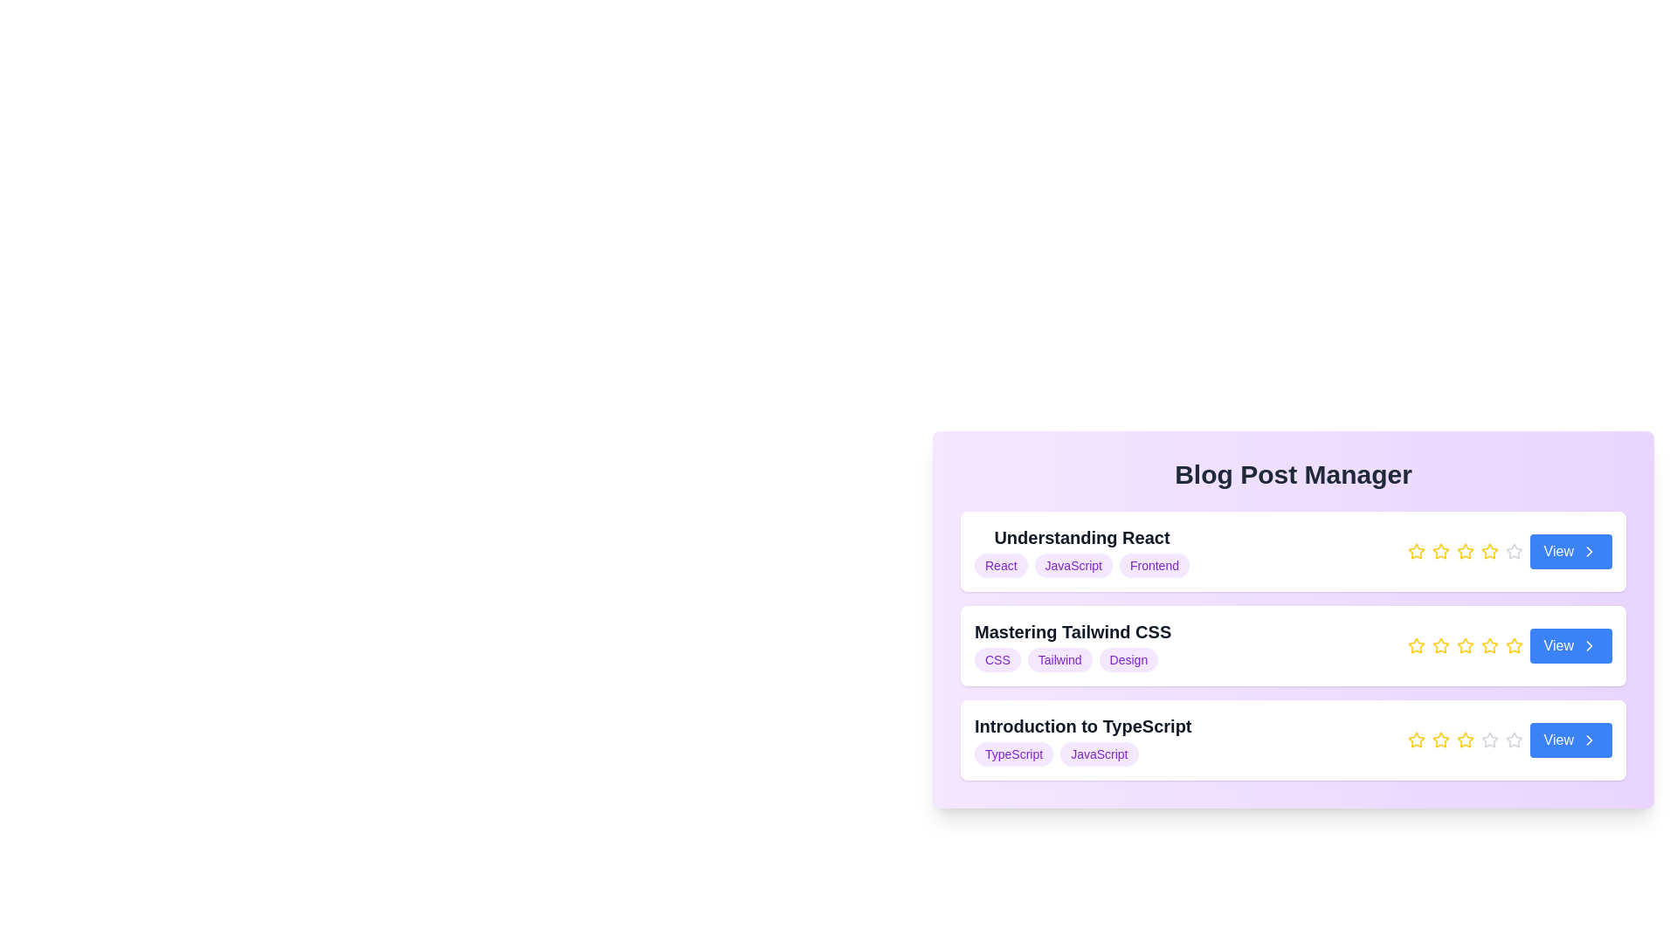 The height and width of the screenshot is (943, 1677). What do you see at coordinates (1440, 552) in the screenshot?
I see `the third star-shaped rating control icon in the 'Understanding React' card of the 'Blog Post Manager' section to visually represent the third rating level` at bounding box center [1440, 552].